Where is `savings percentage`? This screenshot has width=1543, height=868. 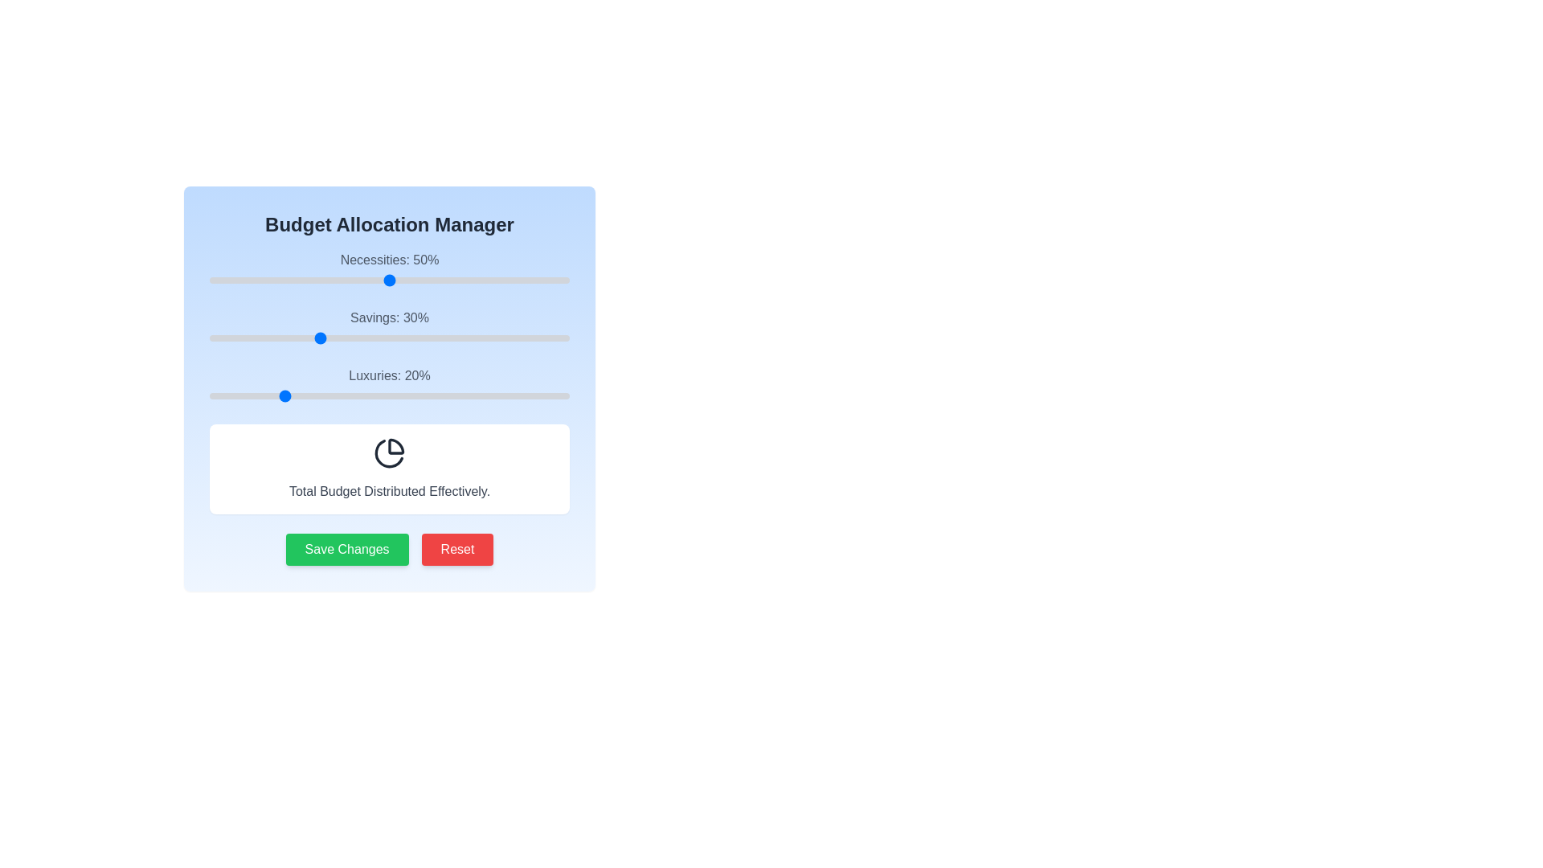 savings percentage is located at coordinates (252, 337).